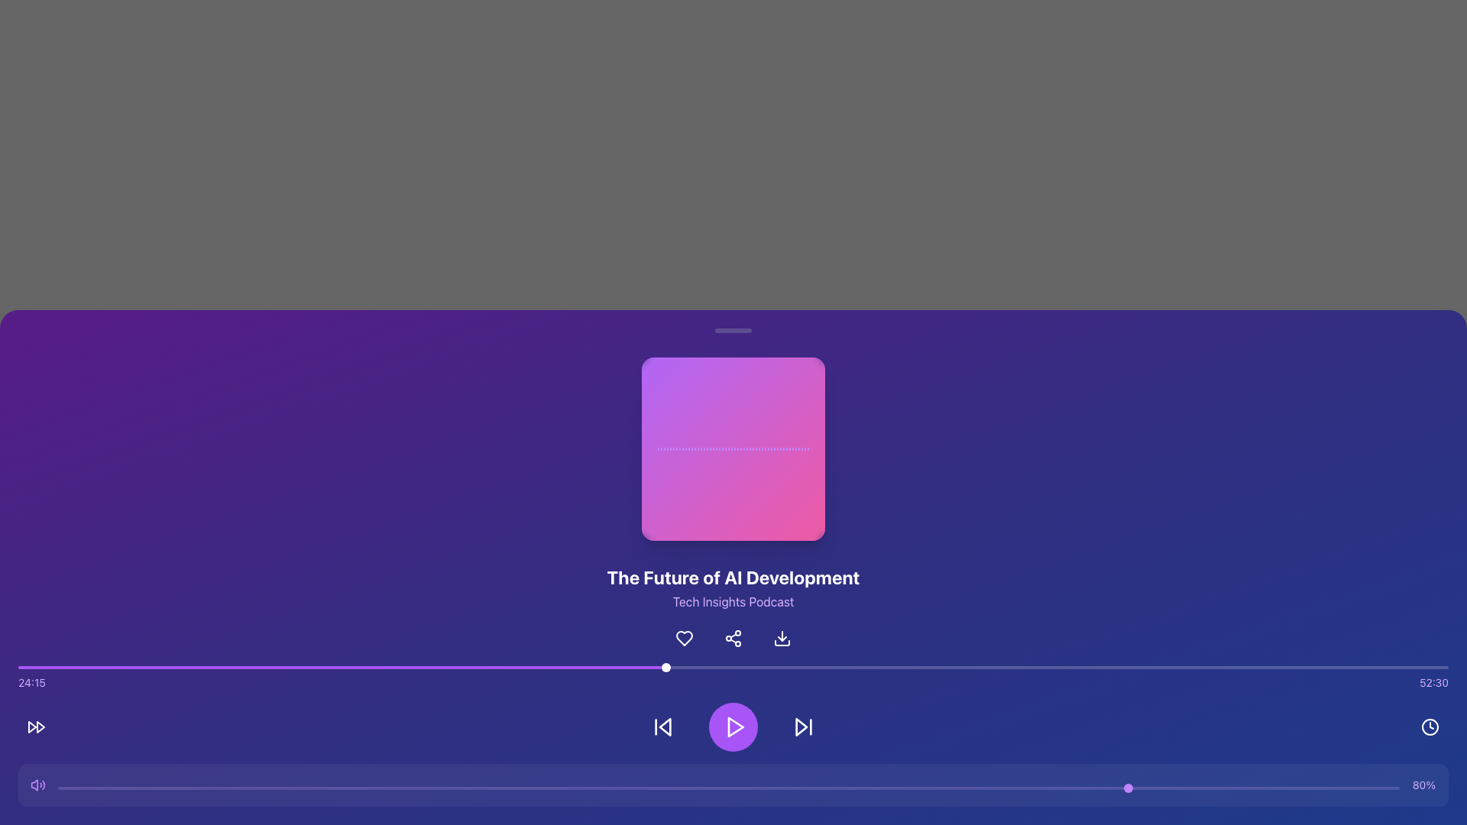 The image size is (1467, 825). Describe the element at coordinates (782, 639) in the screenshot. I see `the download button with an embedded icon located to the right of the share icon button, below the title 'The Future of AI Development' to activate the color change effect` at that location.